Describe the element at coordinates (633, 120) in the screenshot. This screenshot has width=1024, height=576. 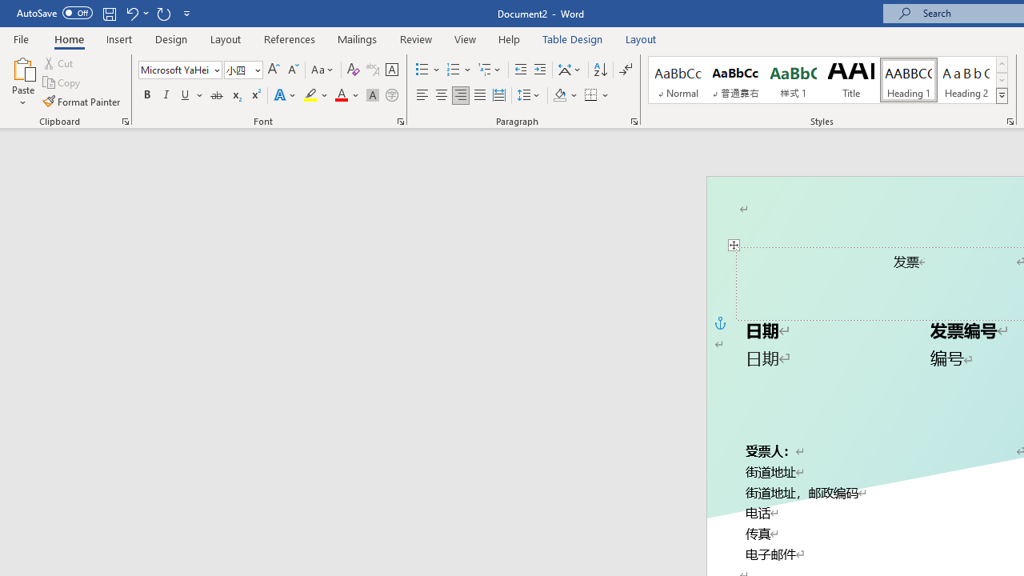
I see `'Paragraph...'` at that location.